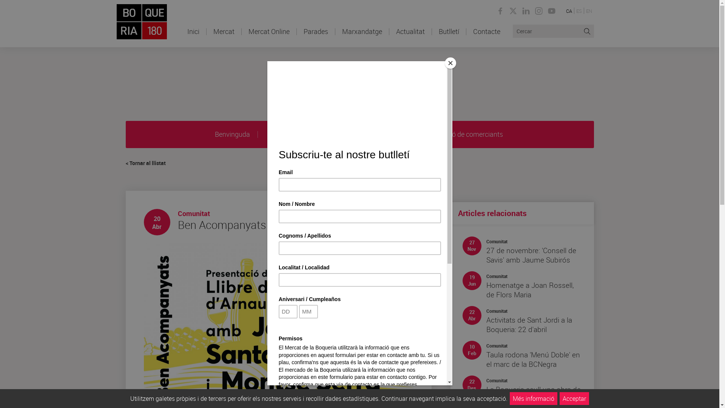  What do you see at coordinates (551, 12) in the screenshot?
I see `'Youtube de la Boqueria'` at bounding box center [551, 12].